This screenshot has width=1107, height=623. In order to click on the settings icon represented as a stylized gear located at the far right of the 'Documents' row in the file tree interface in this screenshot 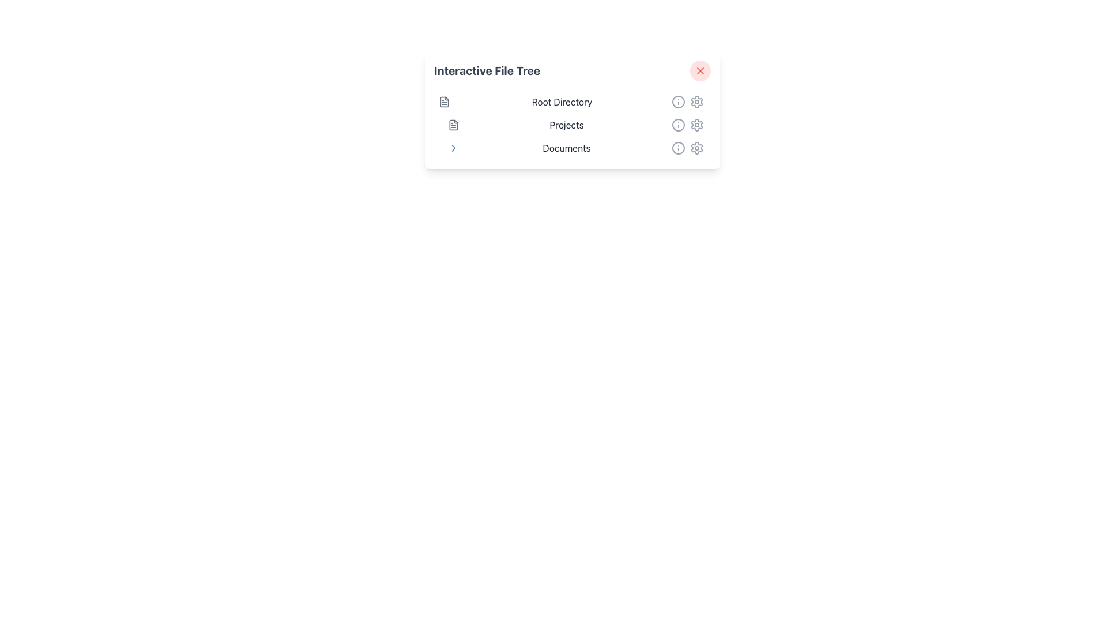, I will do `click(696, 148)`.